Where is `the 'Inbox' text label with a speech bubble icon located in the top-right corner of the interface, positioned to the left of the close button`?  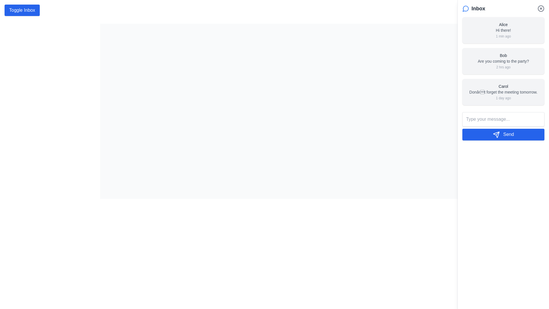 the 'Inbox' text label with a speech bubble icon located in the top-right corner of the interface, positioned to the left of the close button is located at coordinates (474, 9).